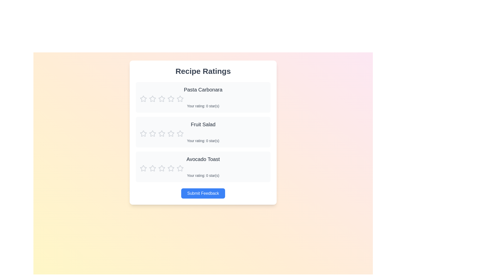 The height and width of the screenshot is (276, 490). Describe the element at coordinates (171, 168) in the screenshot. I see `the first star icon in the five-star rating row for 'Avocado Toast' in the 'Recipe Ratings' interface for keyboard interaction` at that location.